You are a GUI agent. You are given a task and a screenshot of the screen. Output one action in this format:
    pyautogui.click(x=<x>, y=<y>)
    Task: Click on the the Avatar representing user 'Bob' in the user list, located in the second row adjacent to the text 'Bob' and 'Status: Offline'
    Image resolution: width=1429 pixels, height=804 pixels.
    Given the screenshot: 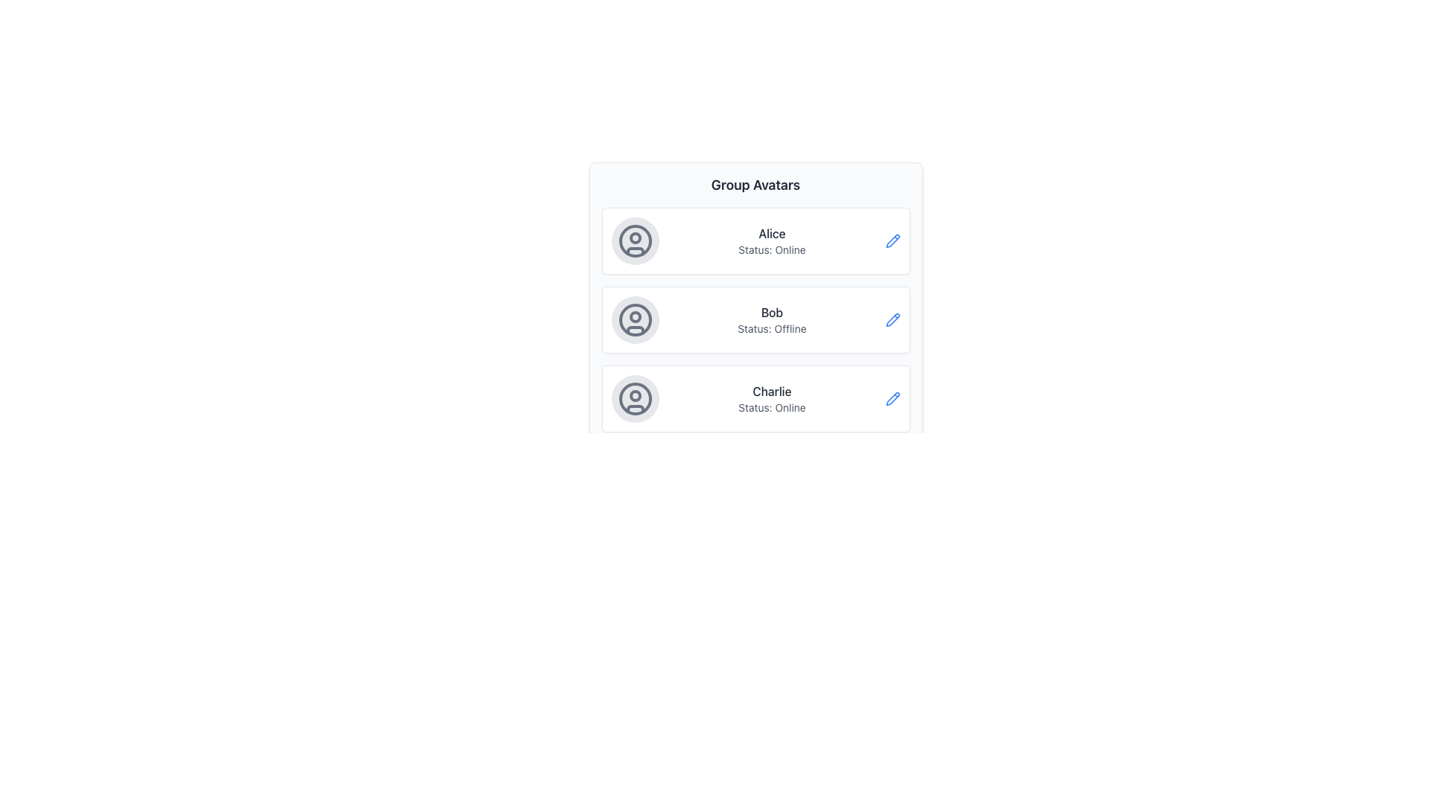 What is the action you would take?
    pyautogui.click(x=635, y=319)
    